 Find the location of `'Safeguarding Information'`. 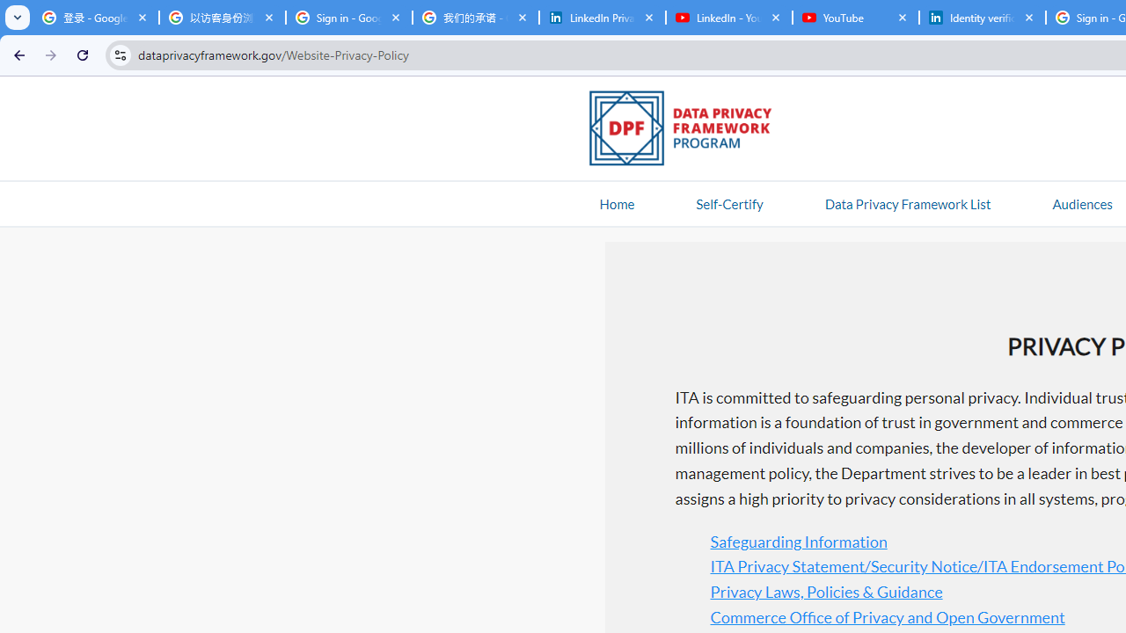

'Safeguarding Information' is located at coordinates (797, 540).